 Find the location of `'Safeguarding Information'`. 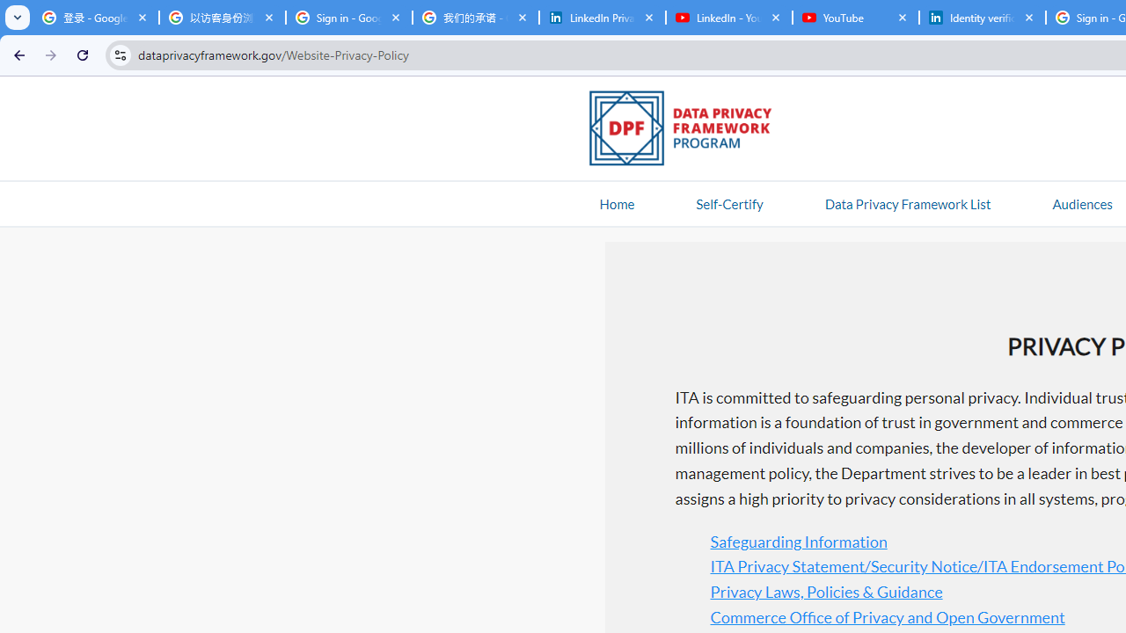

'Safeguarding Information' is located at coordinates (797, 540).